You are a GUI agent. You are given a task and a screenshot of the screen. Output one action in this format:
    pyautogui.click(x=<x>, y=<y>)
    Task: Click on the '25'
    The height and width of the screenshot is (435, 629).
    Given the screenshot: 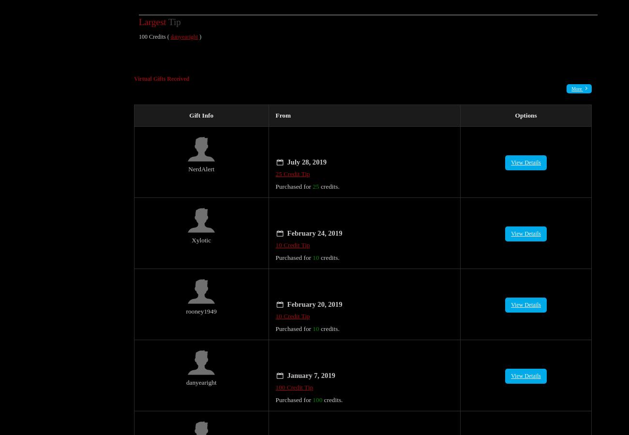 What is the action you would take?
    pyautogui.click(x=315, y=175)
    